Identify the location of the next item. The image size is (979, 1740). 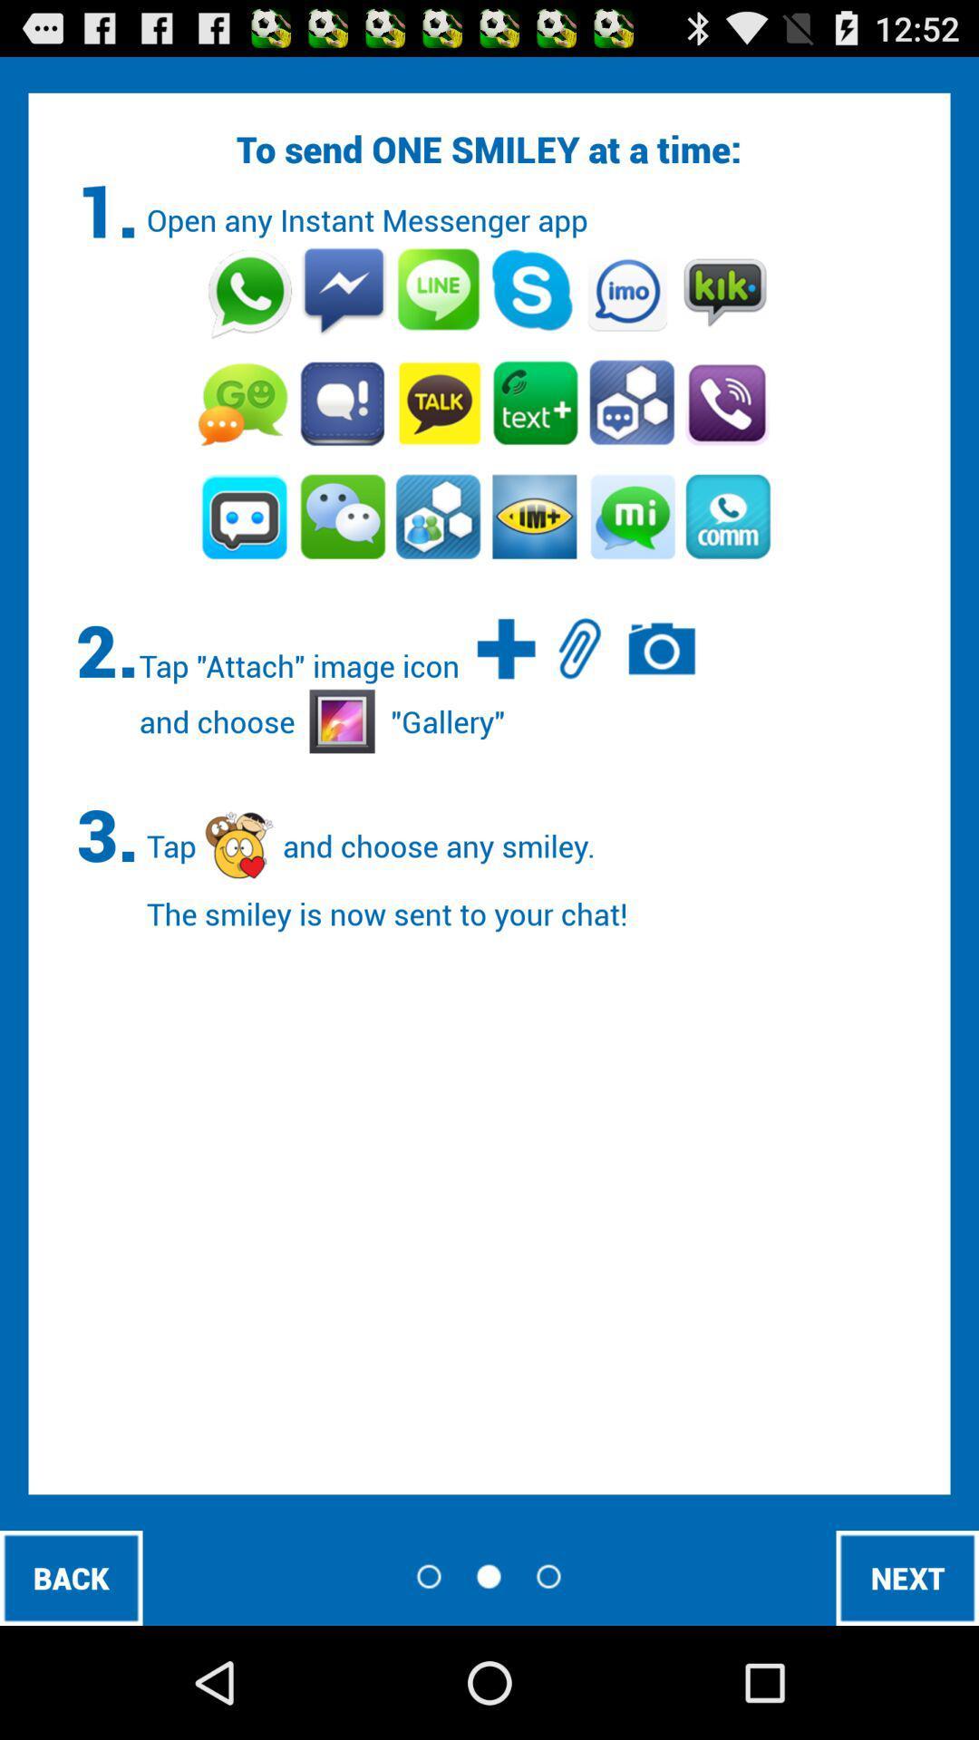
(907, 1577).